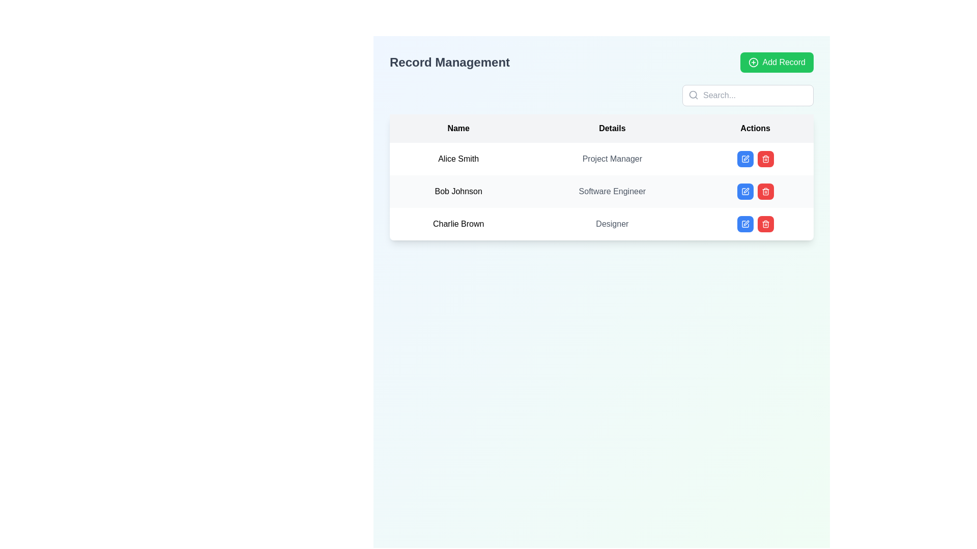  I want to click on the 'Record Management' text label, which serves as a title or heading indicating the focus of the current page or section, located near the top-left portion of the interface, so click(449, 63).